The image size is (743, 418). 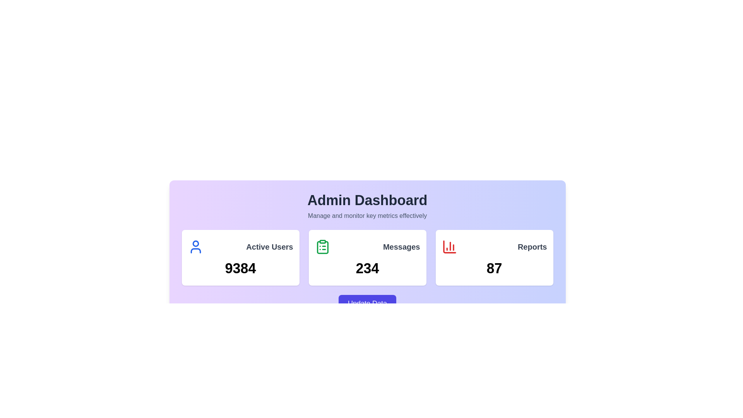 What do you see at coordinates (367, 303) in the screenshot?
I see `the 'Update Data' button located at the bottom center of the dashboard section for keyboard interaction` at bounding box center [367, 303].